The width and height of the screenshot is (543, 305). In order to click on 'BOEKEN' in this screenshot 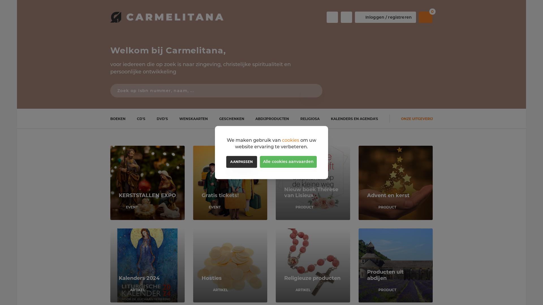, I will do `click(118, 118)`.